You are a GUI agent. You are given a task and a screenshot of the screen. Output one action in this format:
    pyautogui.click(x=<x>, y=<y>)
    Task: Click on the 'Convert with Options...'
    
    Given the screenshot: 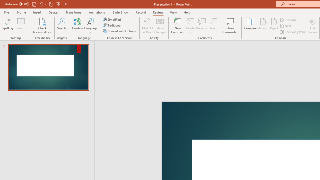 What is the action you would take?
    pyautogui.click(x=119, y=31)
    